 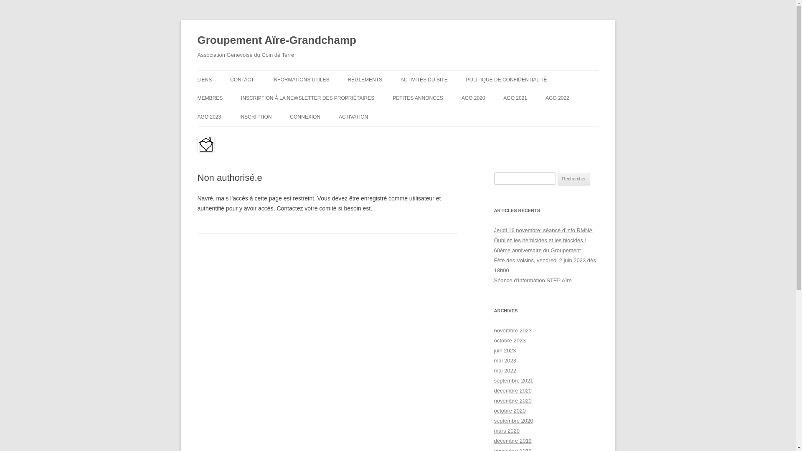 What do you see at coordinates (196, 98) in the screenshot?
I see `'MEMBRES'` at bounding box center [196, 98].